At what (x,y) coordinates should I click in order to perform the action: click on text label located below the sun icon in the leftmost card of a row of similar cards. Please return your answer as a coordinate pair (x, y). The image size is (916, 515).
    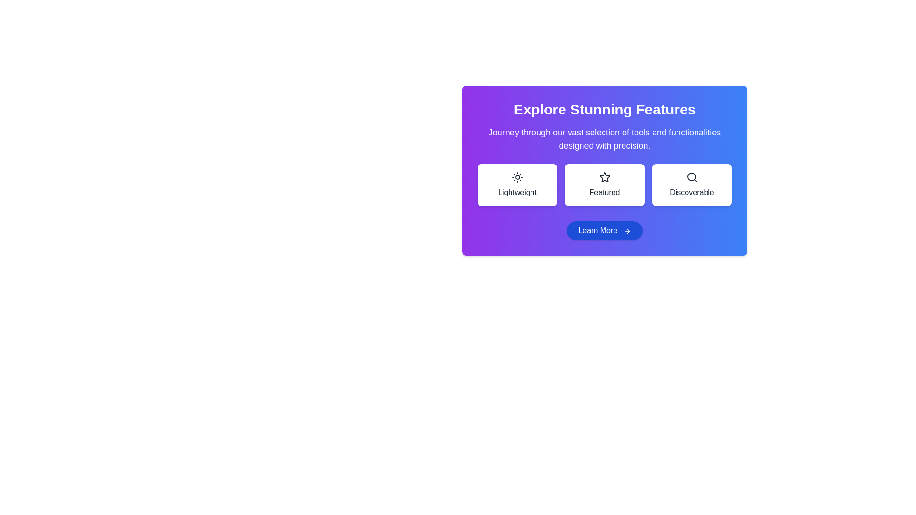
    Looking at the image, I should click on (517, 193).